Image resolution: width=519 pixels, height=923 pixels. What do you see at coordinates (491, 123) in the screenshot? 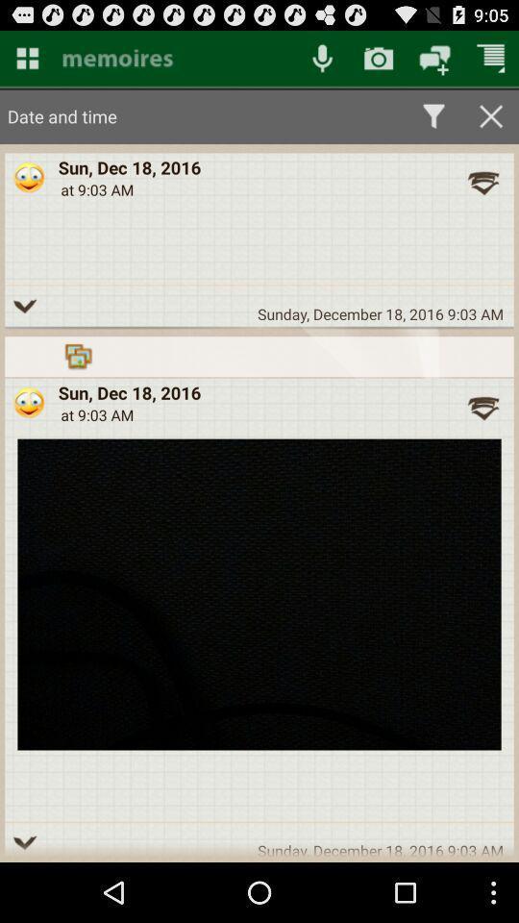
I see `the close icon` at bounding box center [491, 123].